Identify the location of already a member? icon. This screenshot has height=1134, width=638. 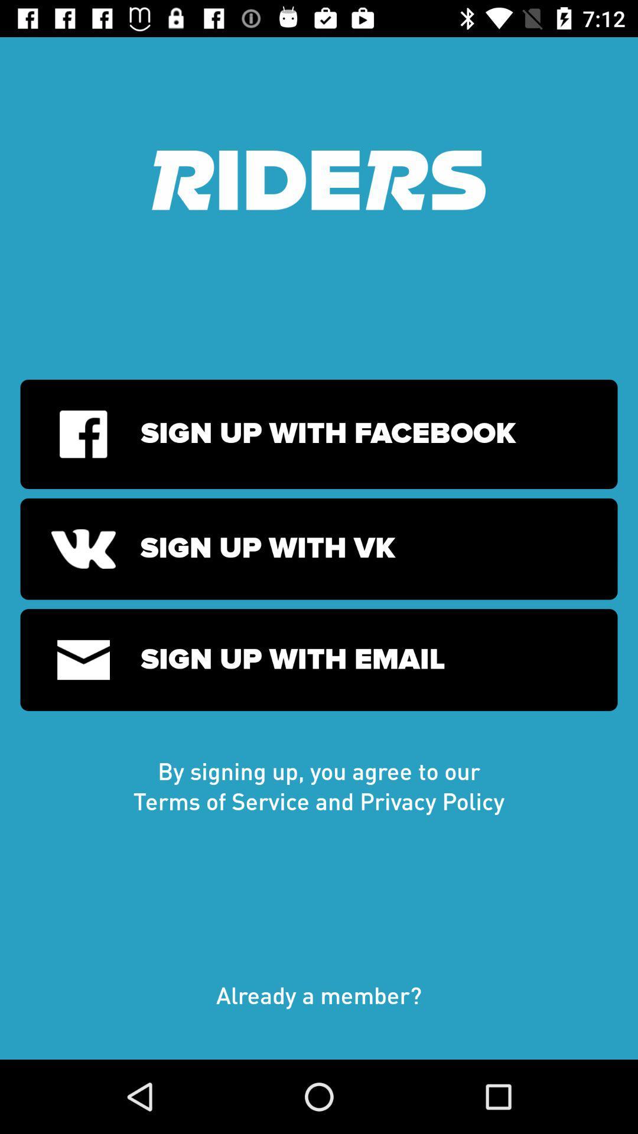
(319, 1006).